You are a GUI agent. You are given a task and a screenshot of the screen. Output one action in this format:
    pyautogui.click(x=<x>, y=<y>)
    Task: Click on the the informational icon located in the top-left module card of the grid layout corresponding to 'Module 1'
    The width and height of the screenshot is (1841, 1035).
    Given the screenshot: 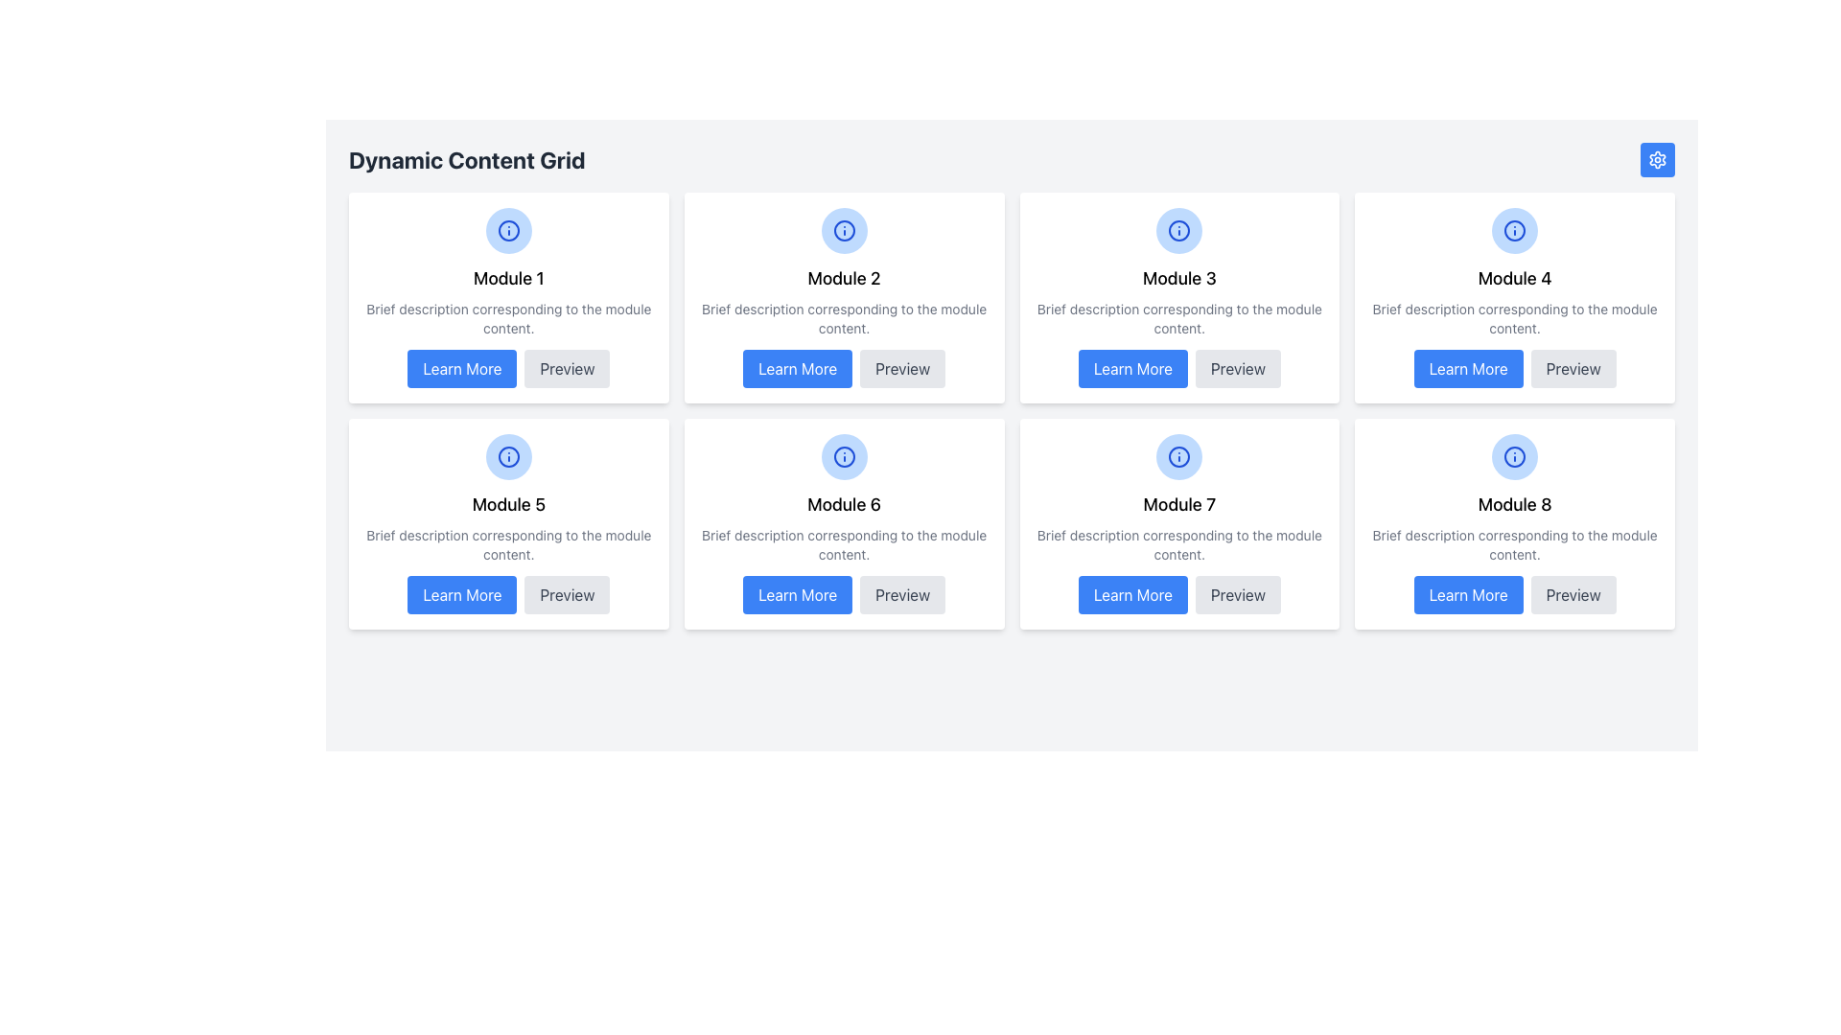 What is the action you would take?
    pyautogui.click(x=508, y=229)
    